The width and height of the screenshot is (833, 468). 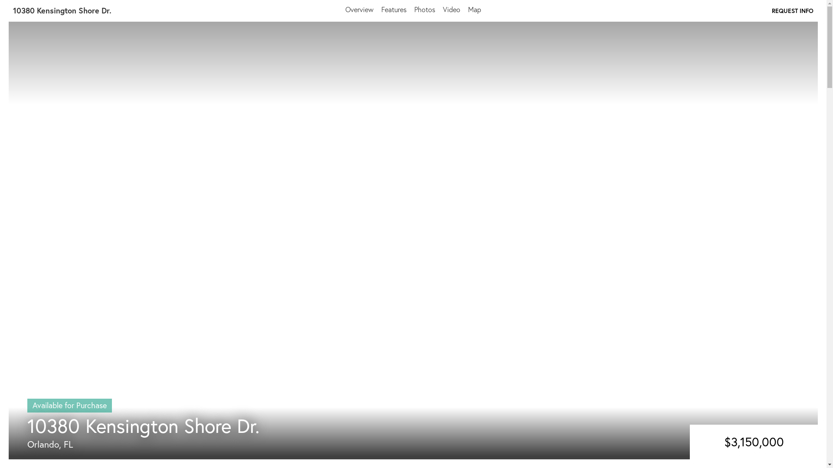 What do you see at coordinates (474, 9) in the screenshot?
I see `'Map'` at bounding box center [474, 9].